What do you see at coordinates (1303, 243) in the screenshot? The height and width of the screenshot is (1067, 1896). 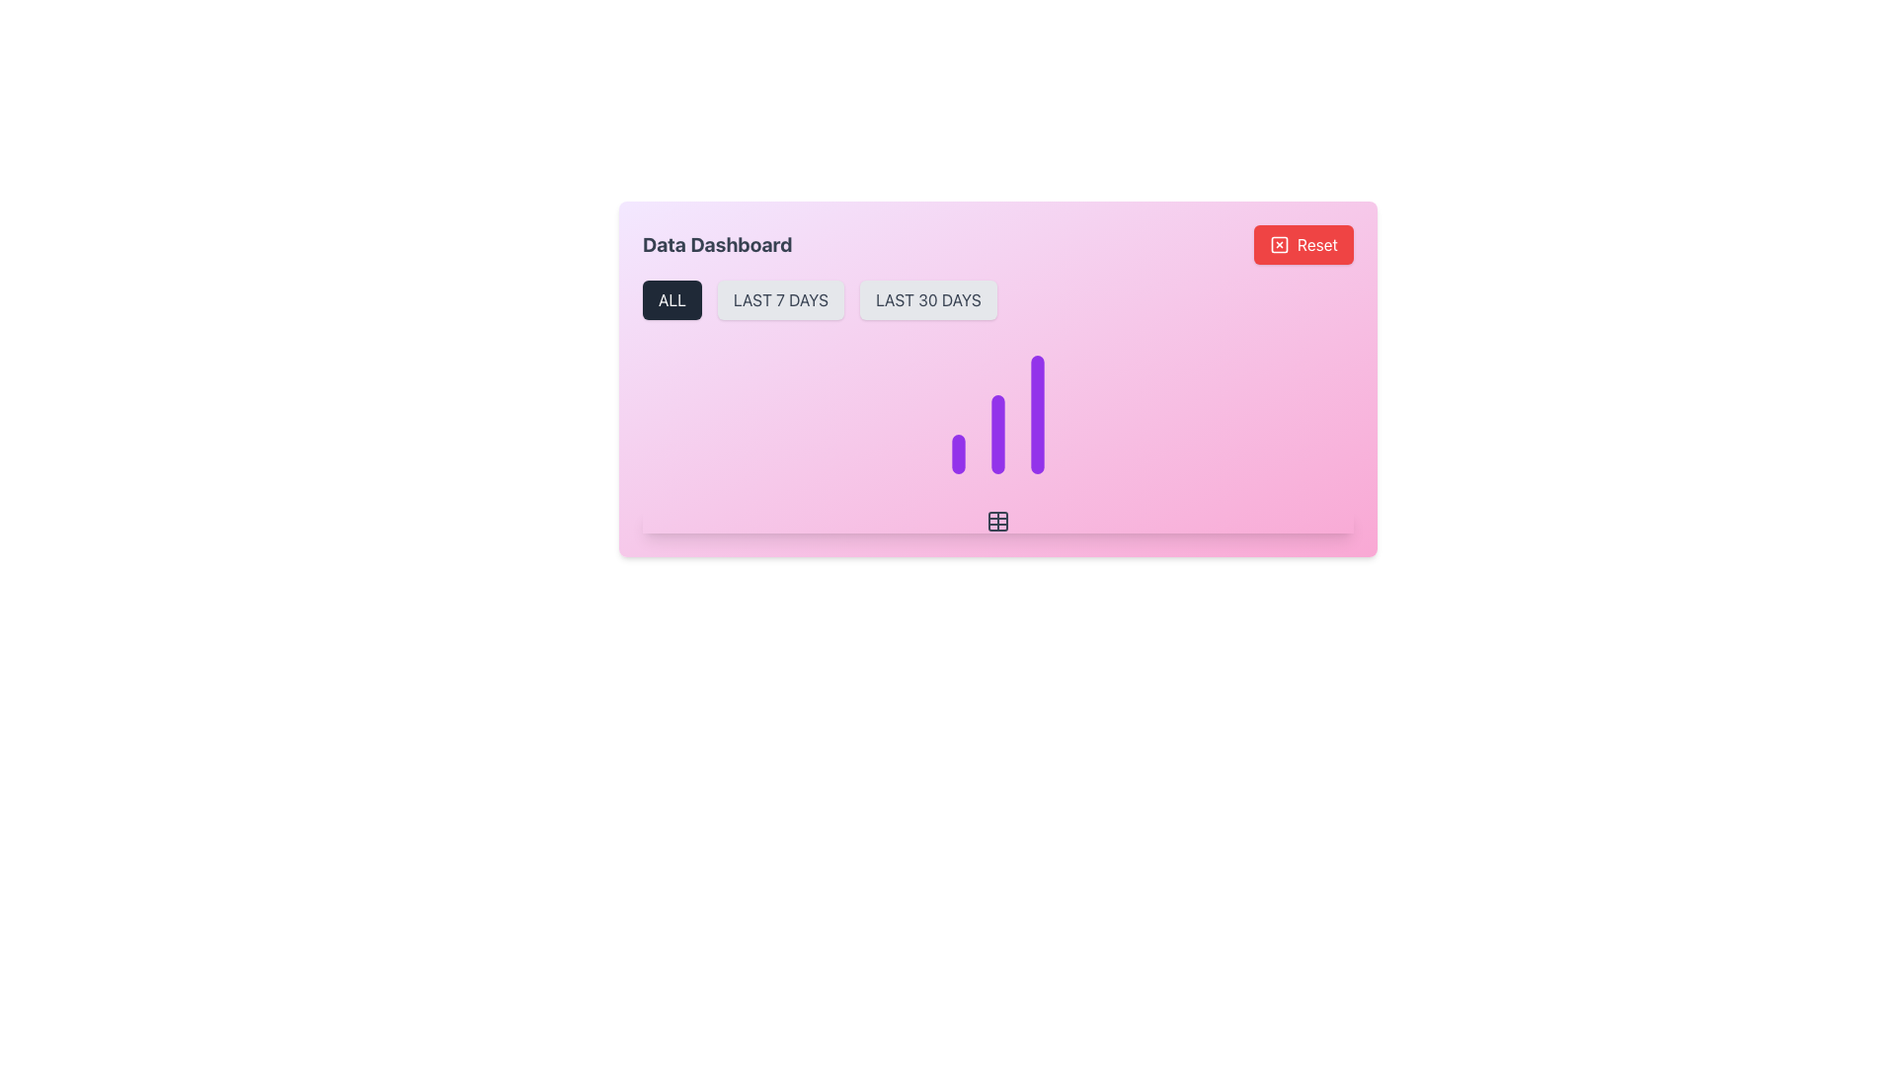 I see `the 'Reset' button with a red background and white text, located at the top-right corner of the 'Data Dashboard' section` at bounding box center [1303, 243].